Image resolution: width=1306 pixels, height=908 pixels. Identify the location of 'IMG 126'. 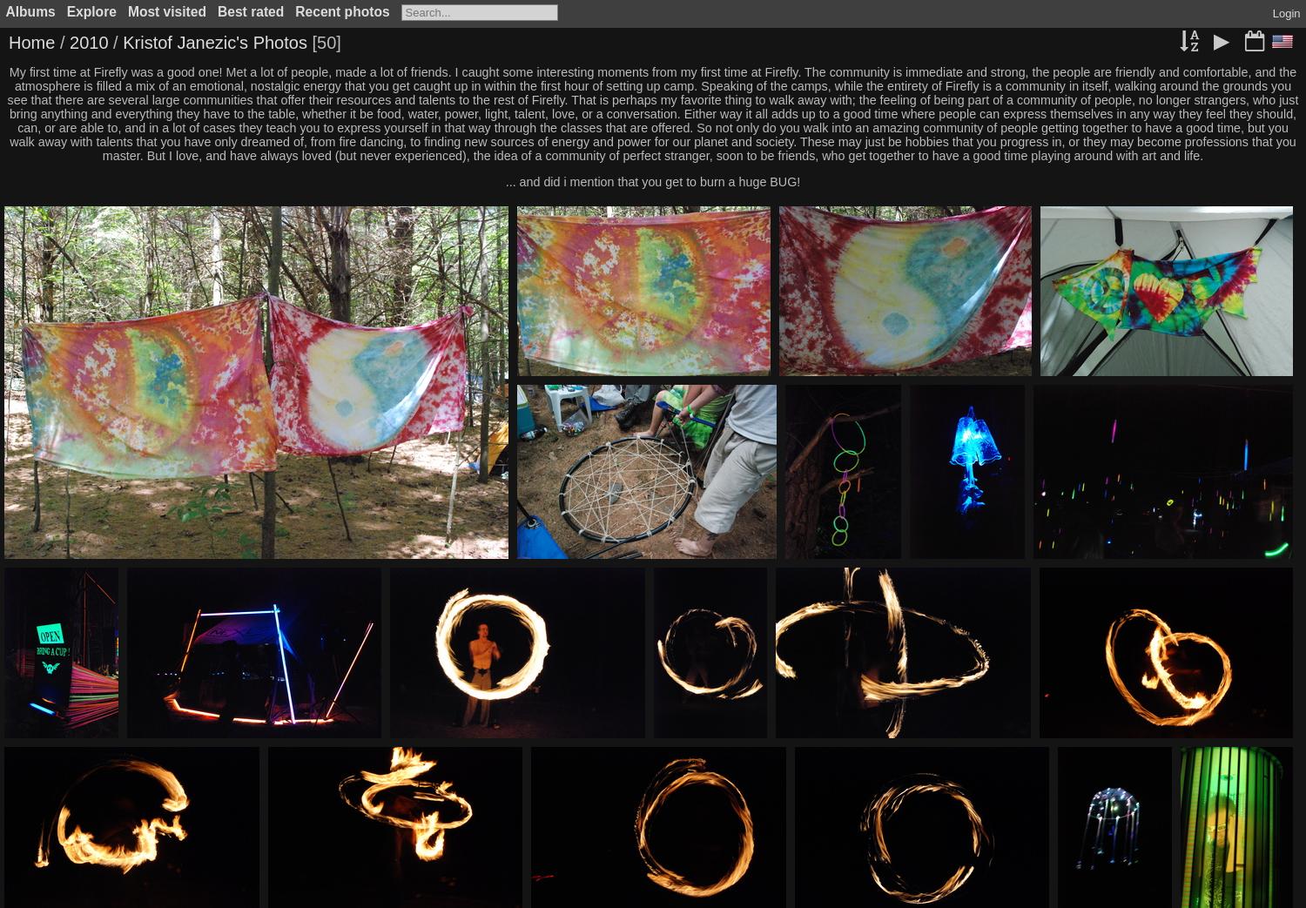
(257, 750).